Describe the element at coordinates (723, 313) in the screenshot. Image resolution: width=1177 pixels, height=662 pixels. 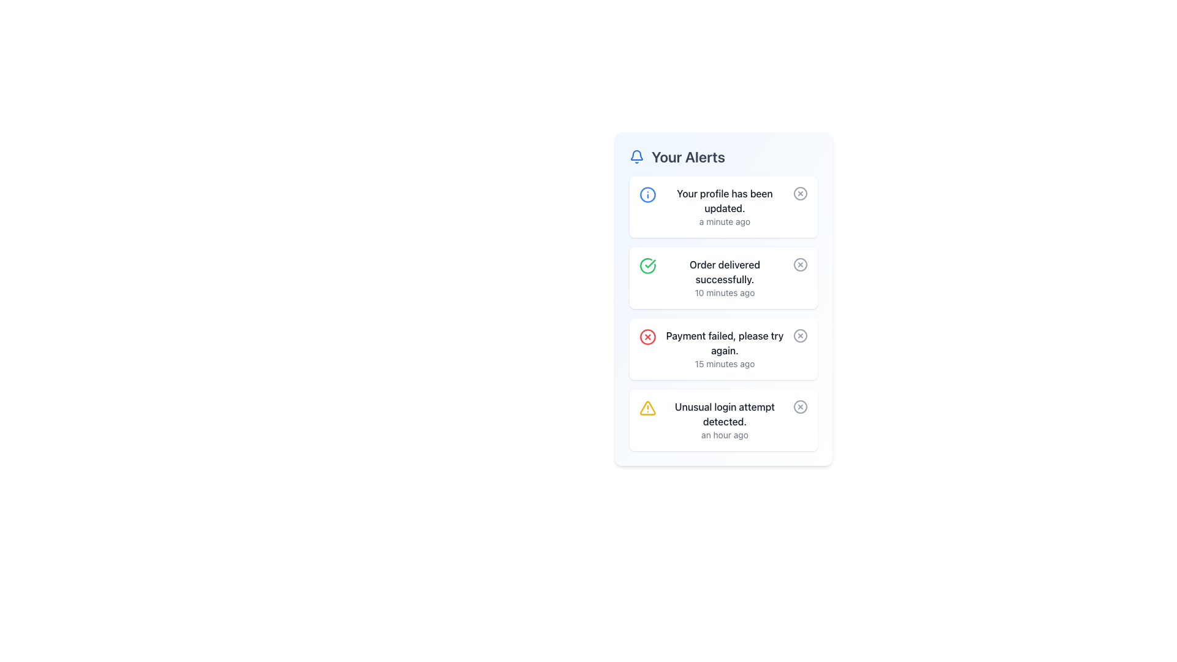
I see `the third notification item in the list below 'Your Alerts'` at that location.